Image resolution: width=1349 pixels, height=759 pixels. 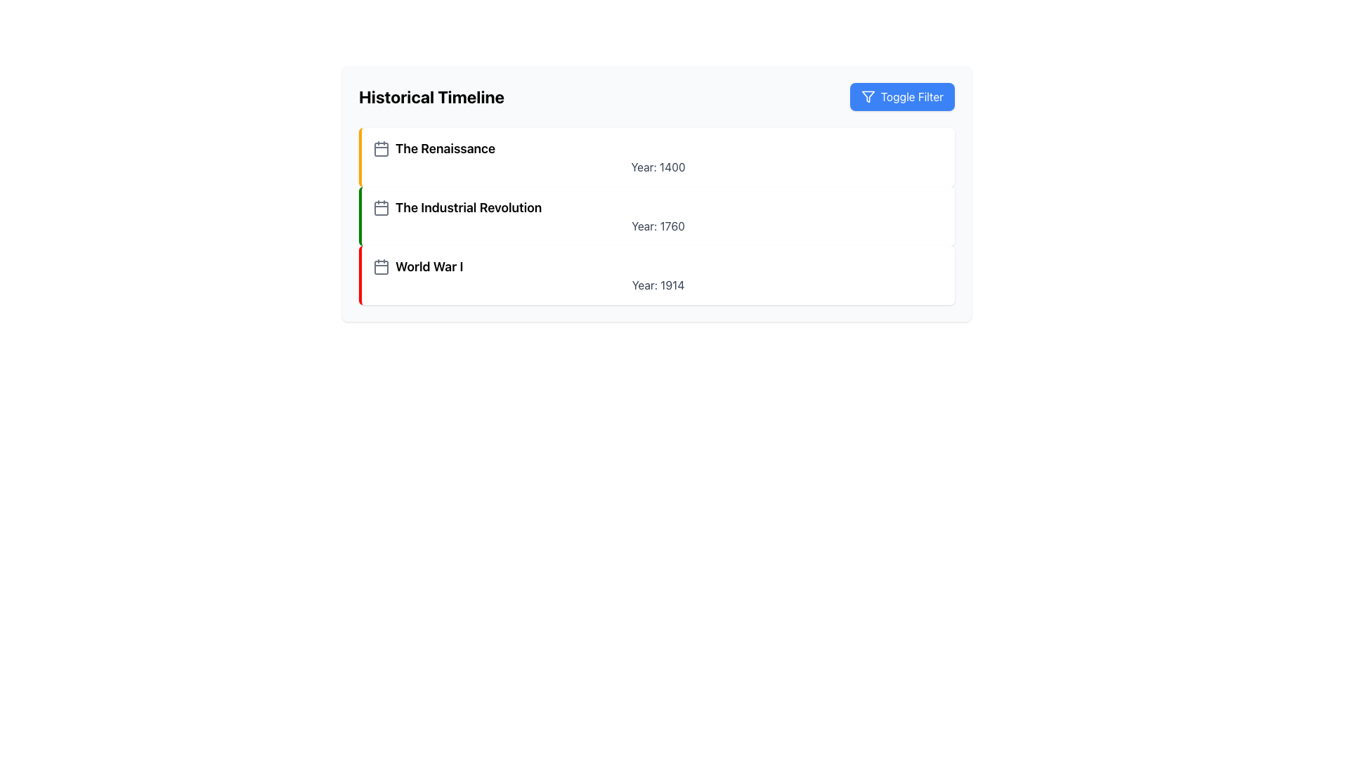 I want to click on the SVG rectangle that represents the background of the date display in the calendar icon for 'The Renaissance' row, so click(x=381, y=149).